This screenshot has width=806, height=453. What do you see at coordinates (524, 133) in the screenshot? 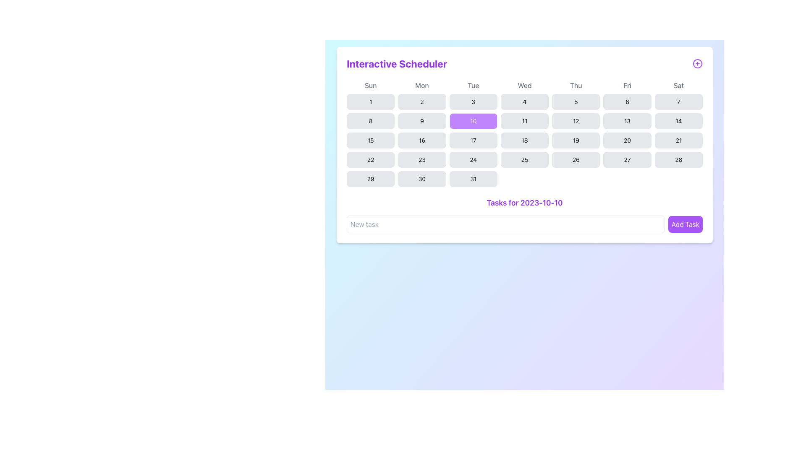
I see `the highlighted cell of the Interactive calendar component` at bounding box center [524, 133].